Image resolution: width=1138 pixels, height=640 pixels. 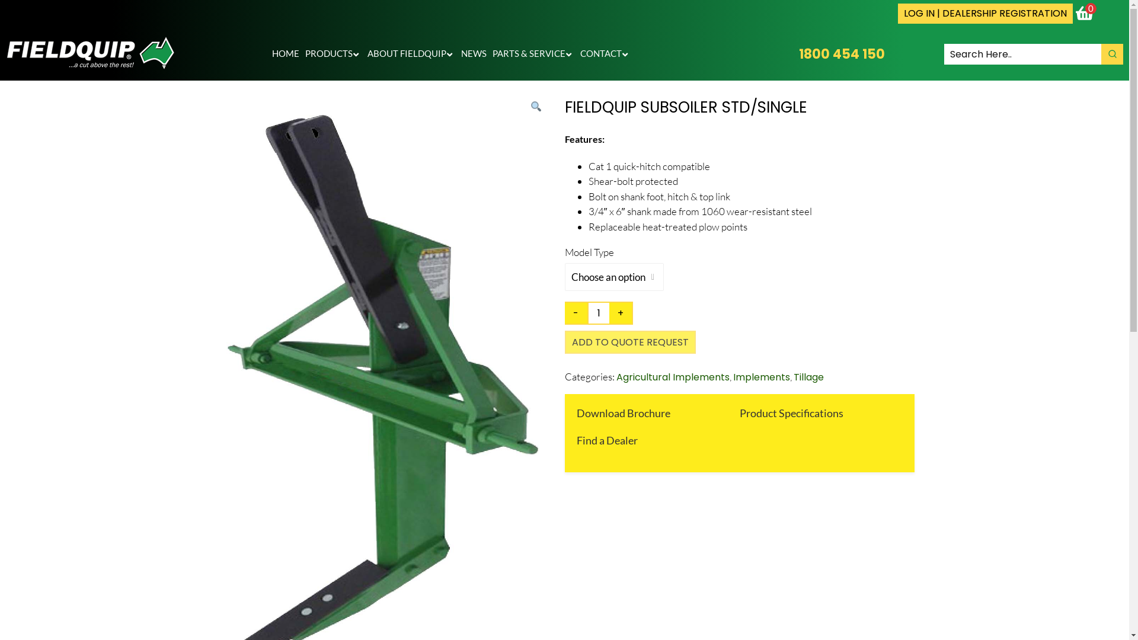 What do you see at coordinates (588, 312) in the screenshot?
I see `'Qty'` at bounding box center [588, 312].